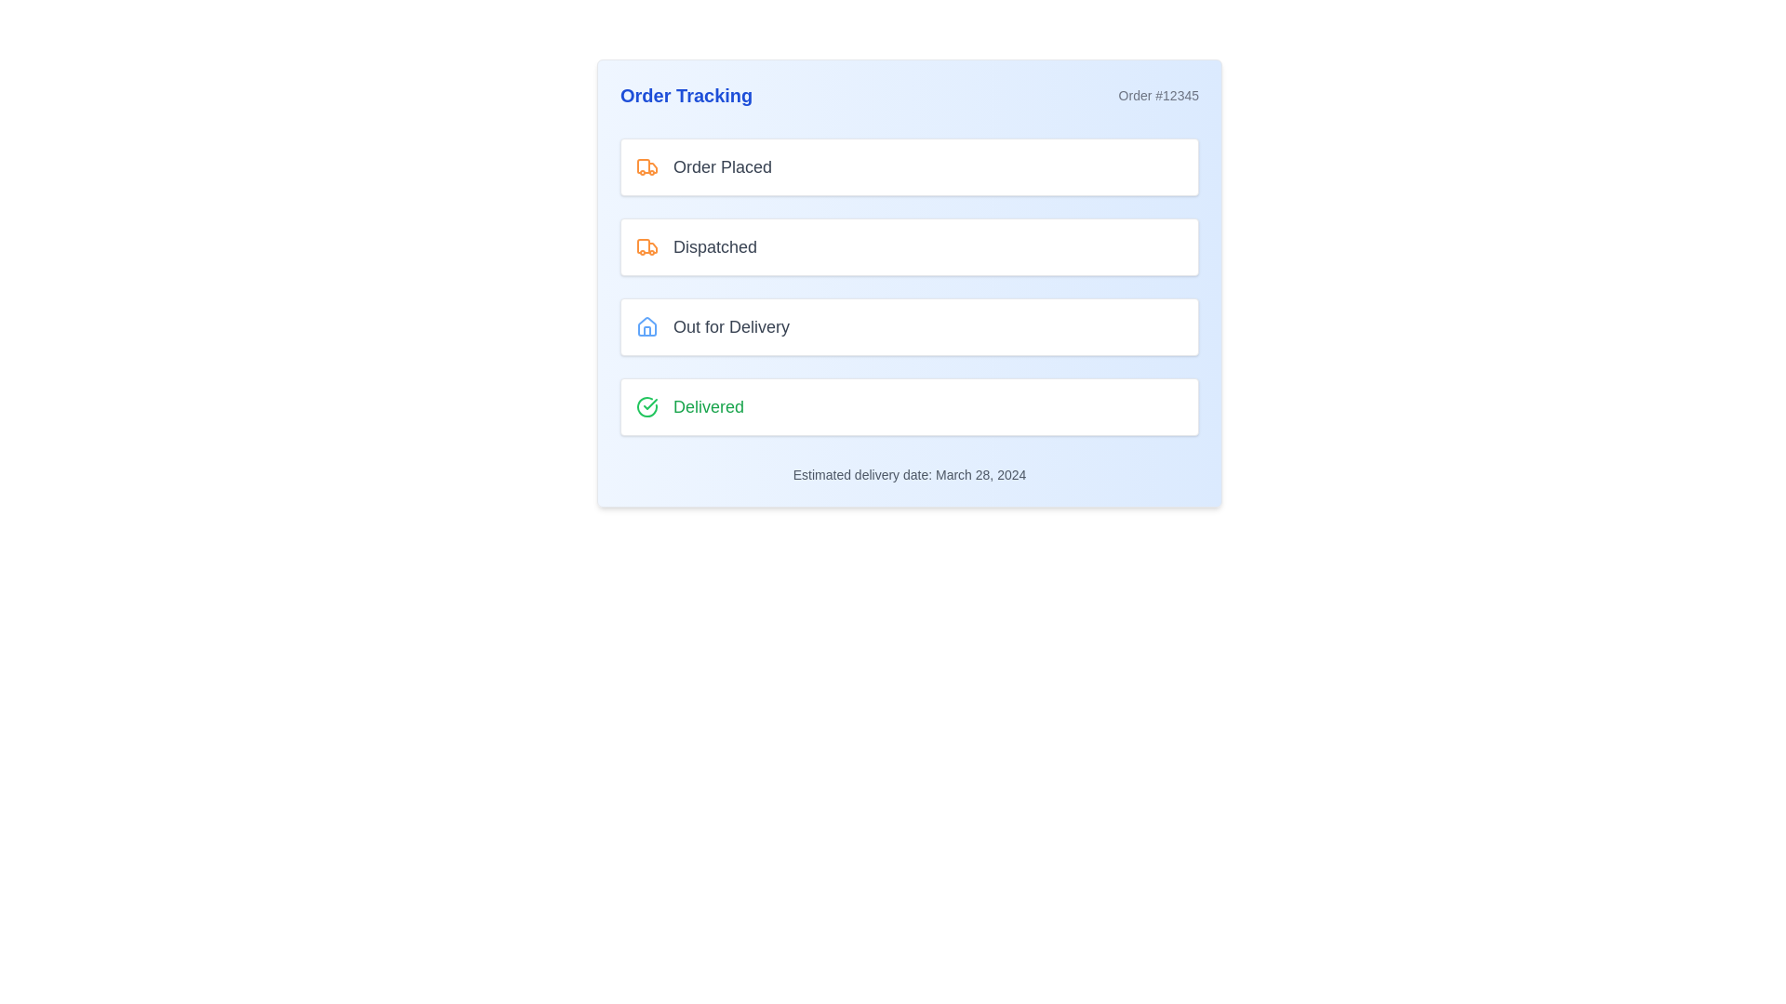 Image resolution: width=1786 pixels, height=1004 pixels. Describe the element at coordinates (713, 246) in the screenshot. I see `the status indicator text label that displays 'Dispatched', located to the right of the orange truck icon in the second rectangular box from the top` at that location.